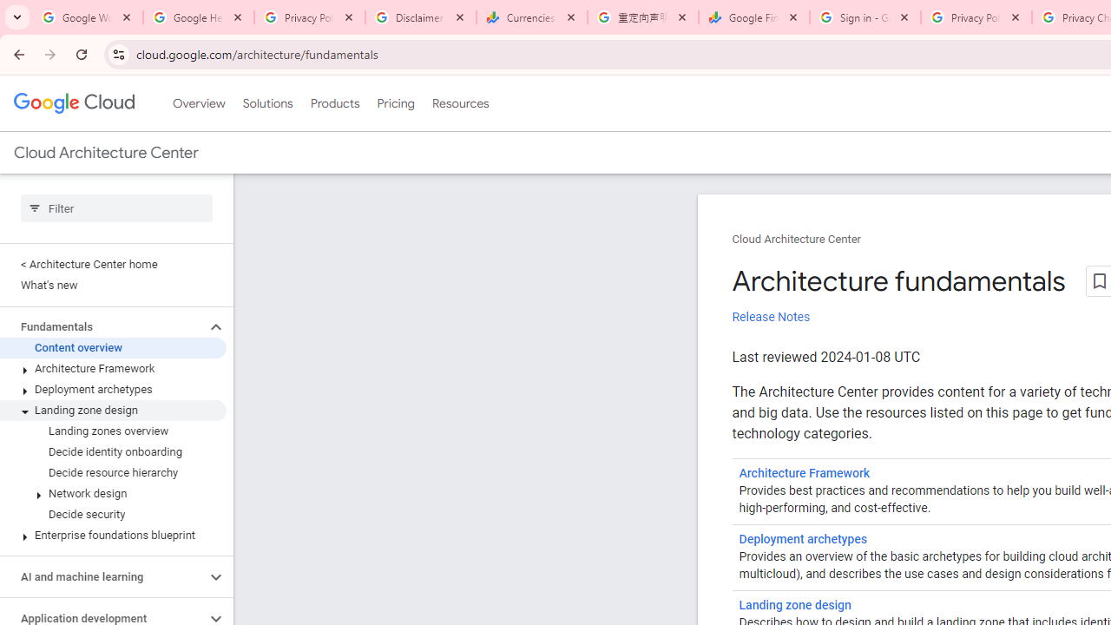 The height and width of the screenshot is (625, 1111). I want to click on 'Sign in - Google Accounts', so click(865, 17).